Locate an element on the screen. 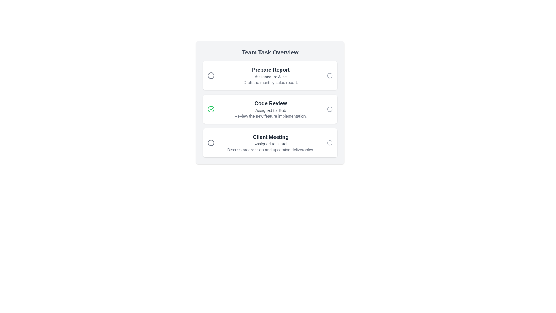  the informational icon located at the far right of the 'Code Review' task card to read or interpret its meaning is located at coordinates (330, 109).